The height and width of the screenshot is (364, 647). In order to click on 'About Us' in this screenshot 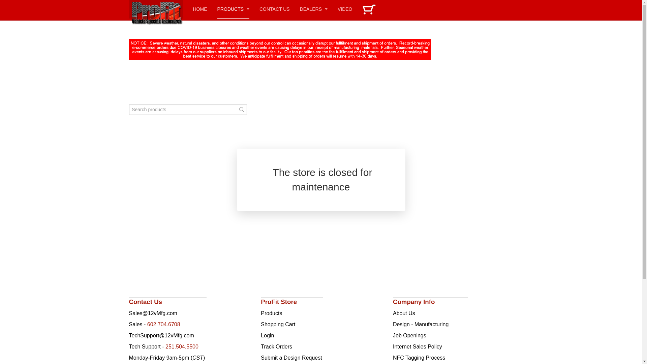, I will do `click(404, 313)`.